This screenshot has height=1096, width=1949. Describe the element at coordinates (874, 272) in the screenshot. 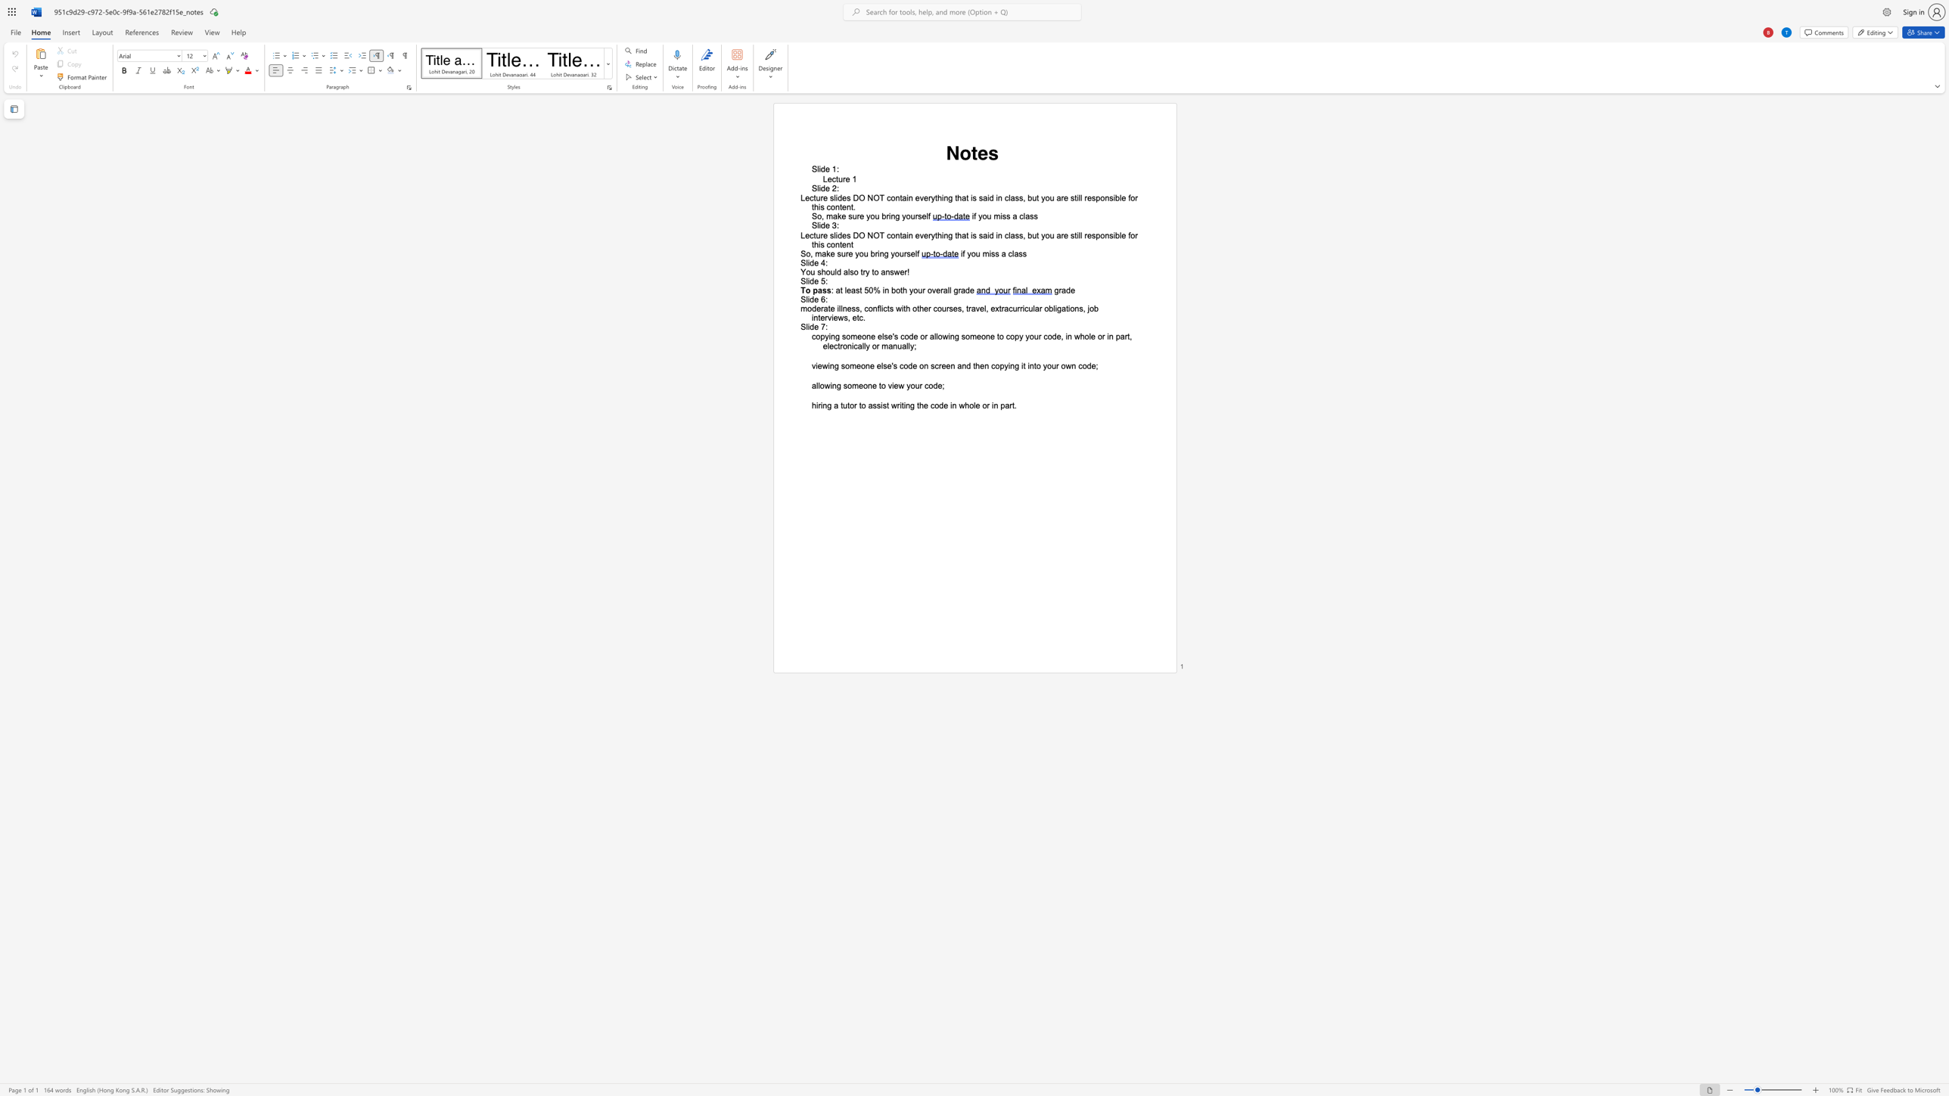

I see `the space between the continuous character "t" and "o" in the text` at that location.